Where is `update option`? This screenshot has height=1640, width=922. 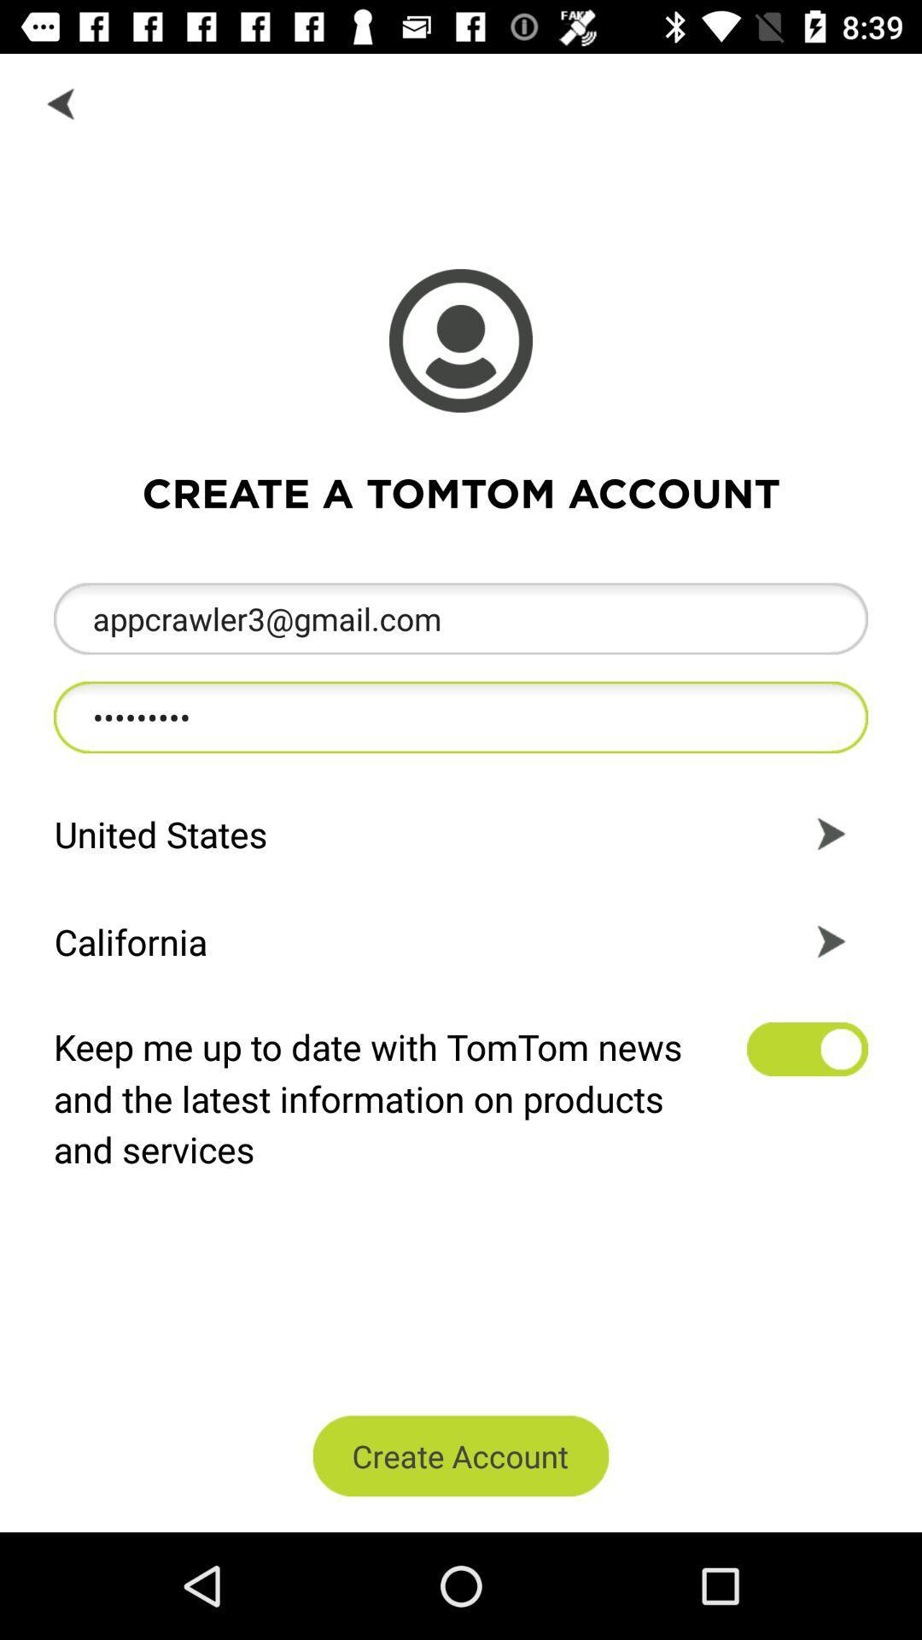
update option is located at coordinates (807, 1048).